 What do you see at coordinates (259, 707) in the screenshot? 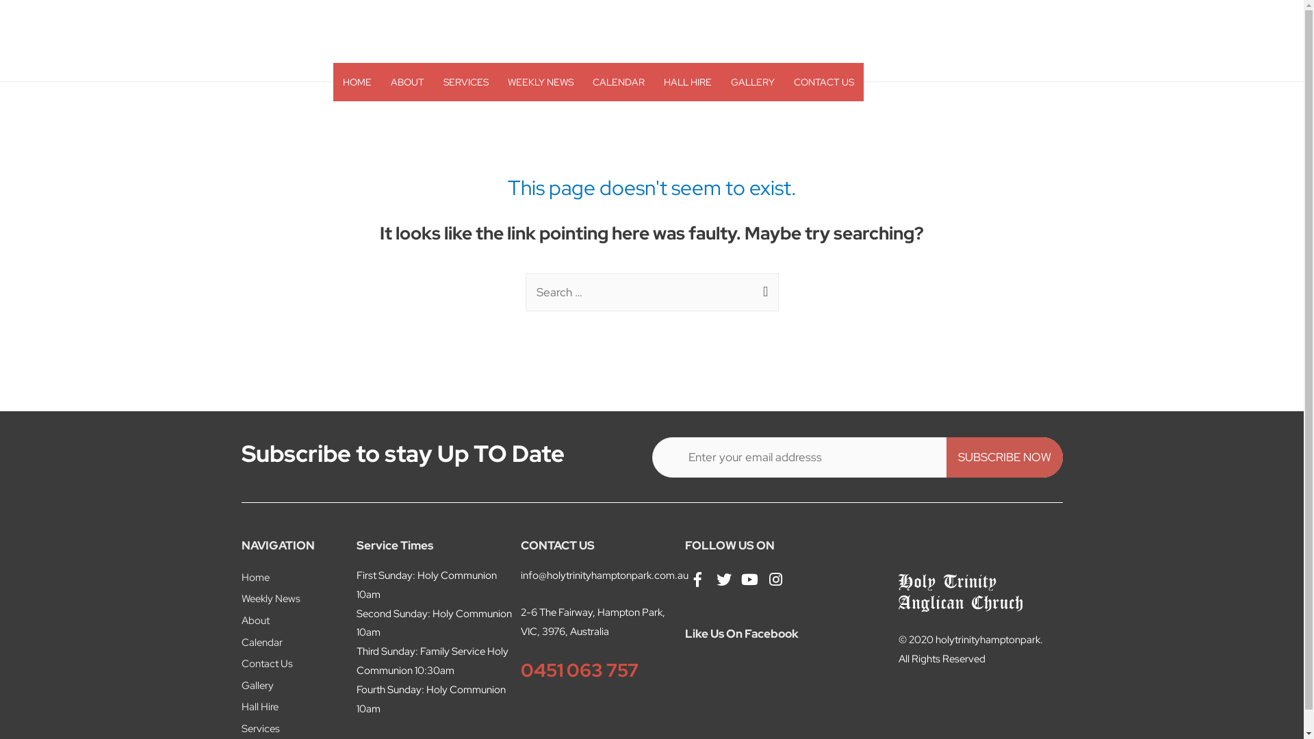
I see `'Hall Hire'` at bounding box center [259, 707].